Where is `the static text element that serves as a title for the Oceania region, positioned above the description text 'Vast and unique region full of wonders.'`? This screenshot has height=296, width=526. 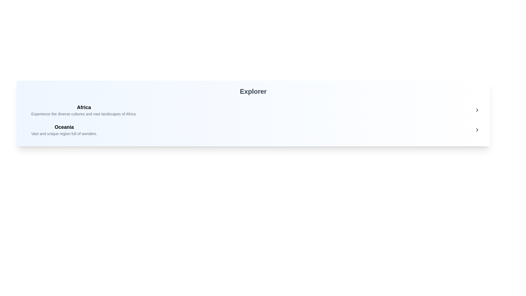
the static text element that serves as a title for the Oceania region, positioned above the description text 'Vast and unique region full of wonders.' is located at coordinates (64, 127).